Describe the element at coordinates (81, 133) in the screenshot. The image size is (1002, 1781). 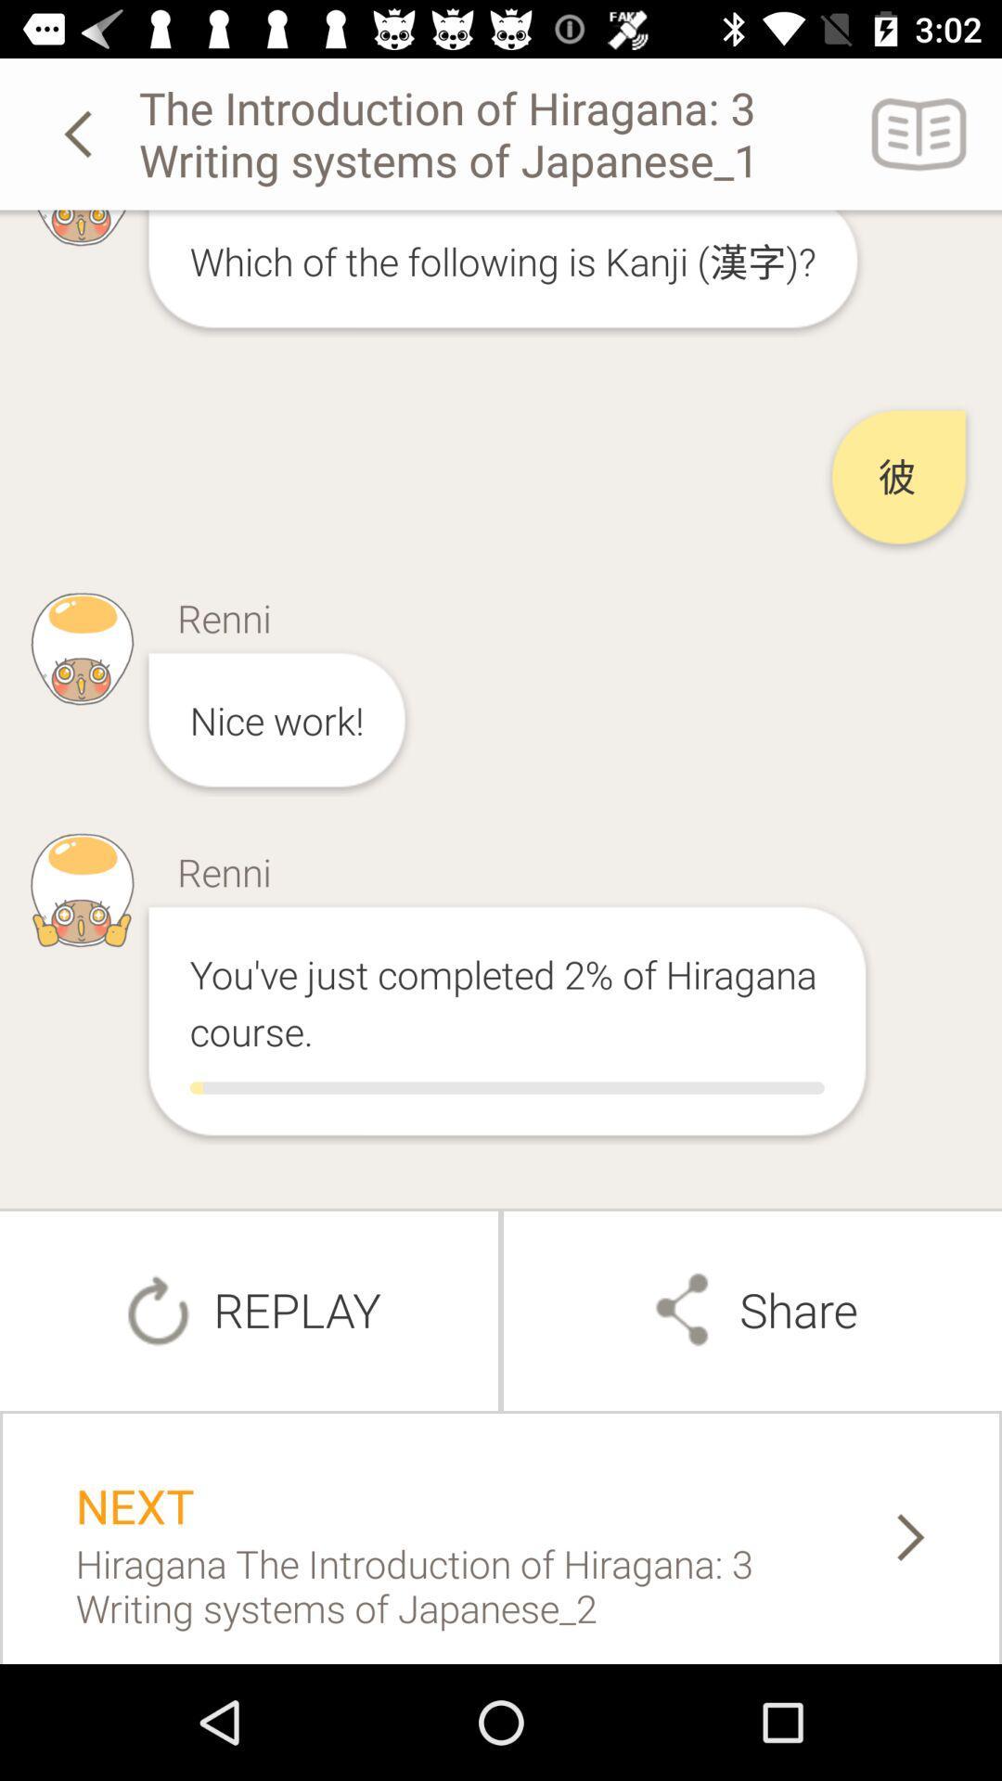
I see `the arrow_backward icon` at that location.